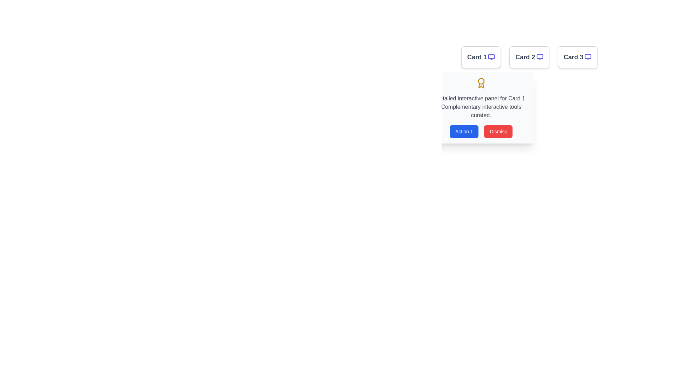 The width and height of the screenshot is (674, 379). What do you see at coordinates (529, 56) in the screenshot?
I see `the second card in a horizontal list of three cards` at bounding box center [529, 56].